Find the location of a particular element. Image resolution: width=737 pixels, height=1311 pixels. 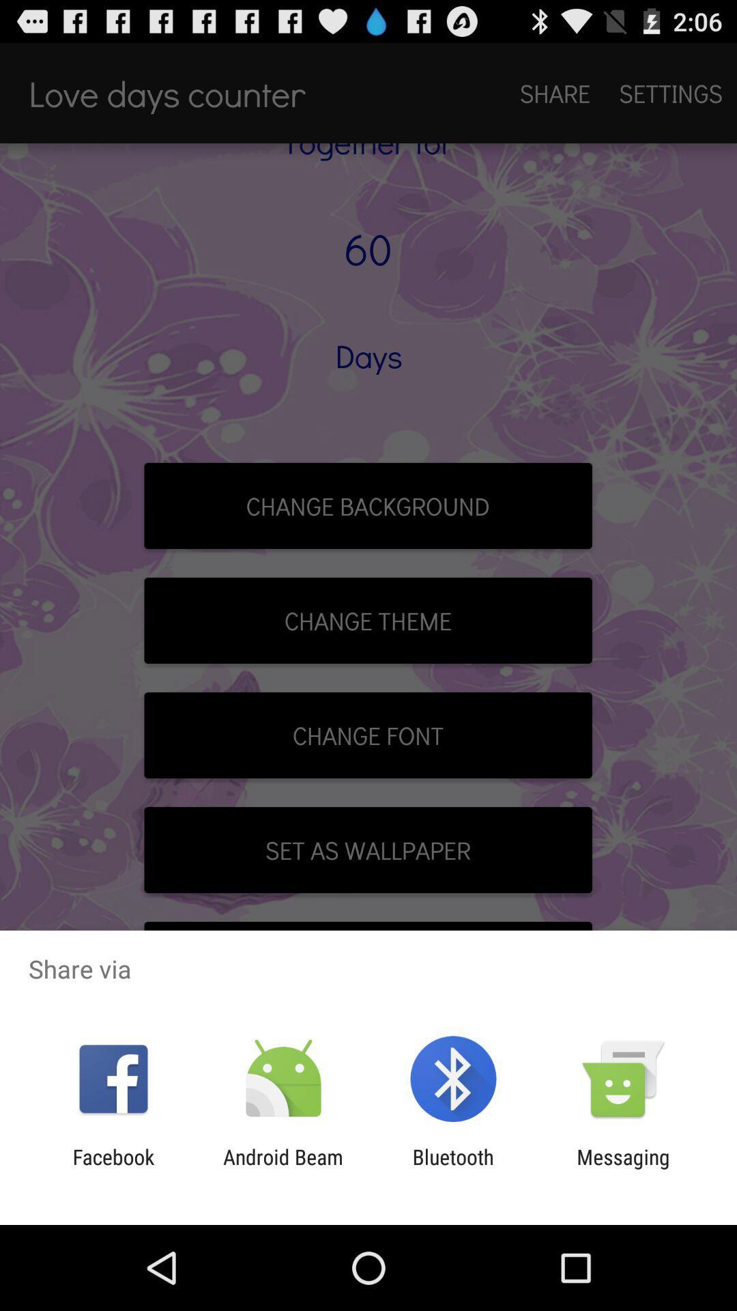

android beam app is located at coordinates (283, 1168).